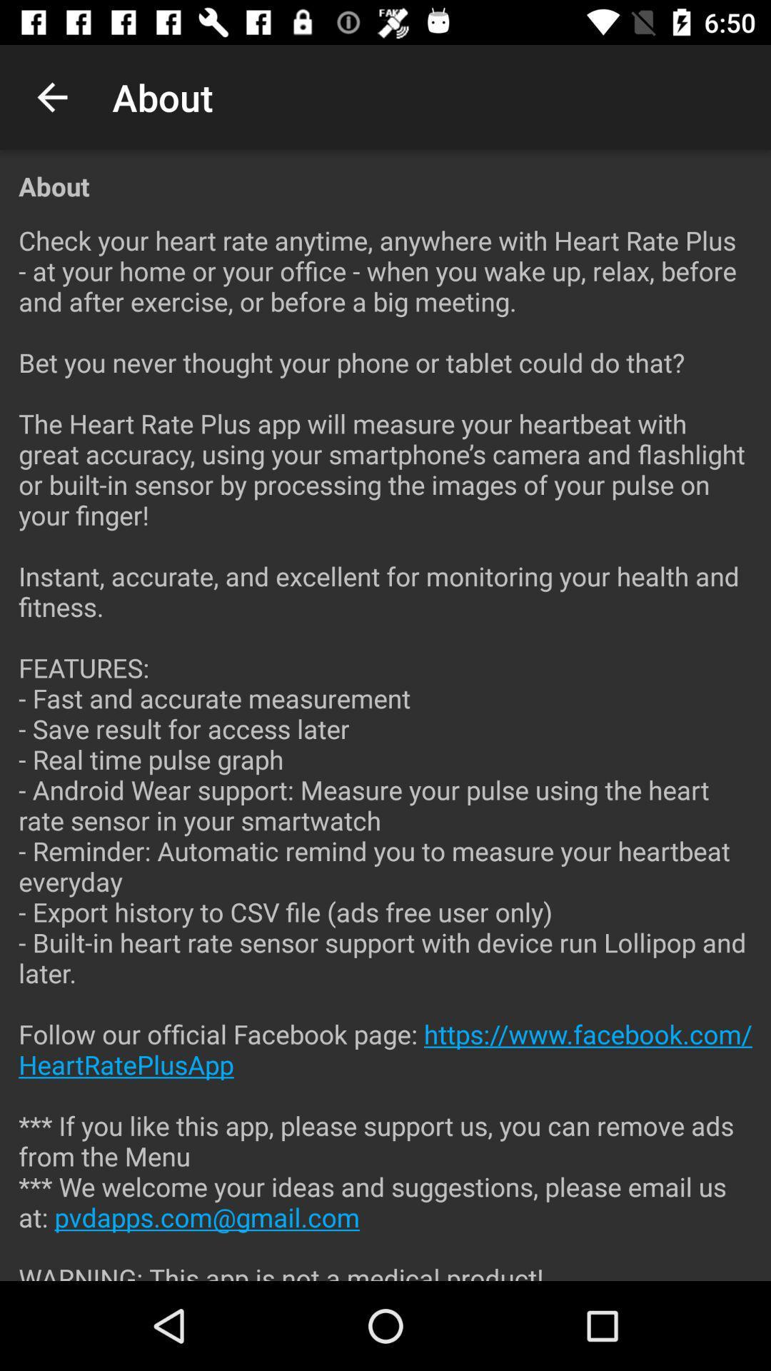  I want to click on the check your heart icon, so click(385, 742).